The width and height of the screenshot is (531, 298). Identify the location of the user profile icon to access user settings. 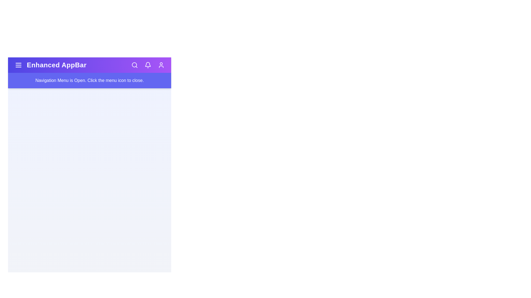
(161, 65).